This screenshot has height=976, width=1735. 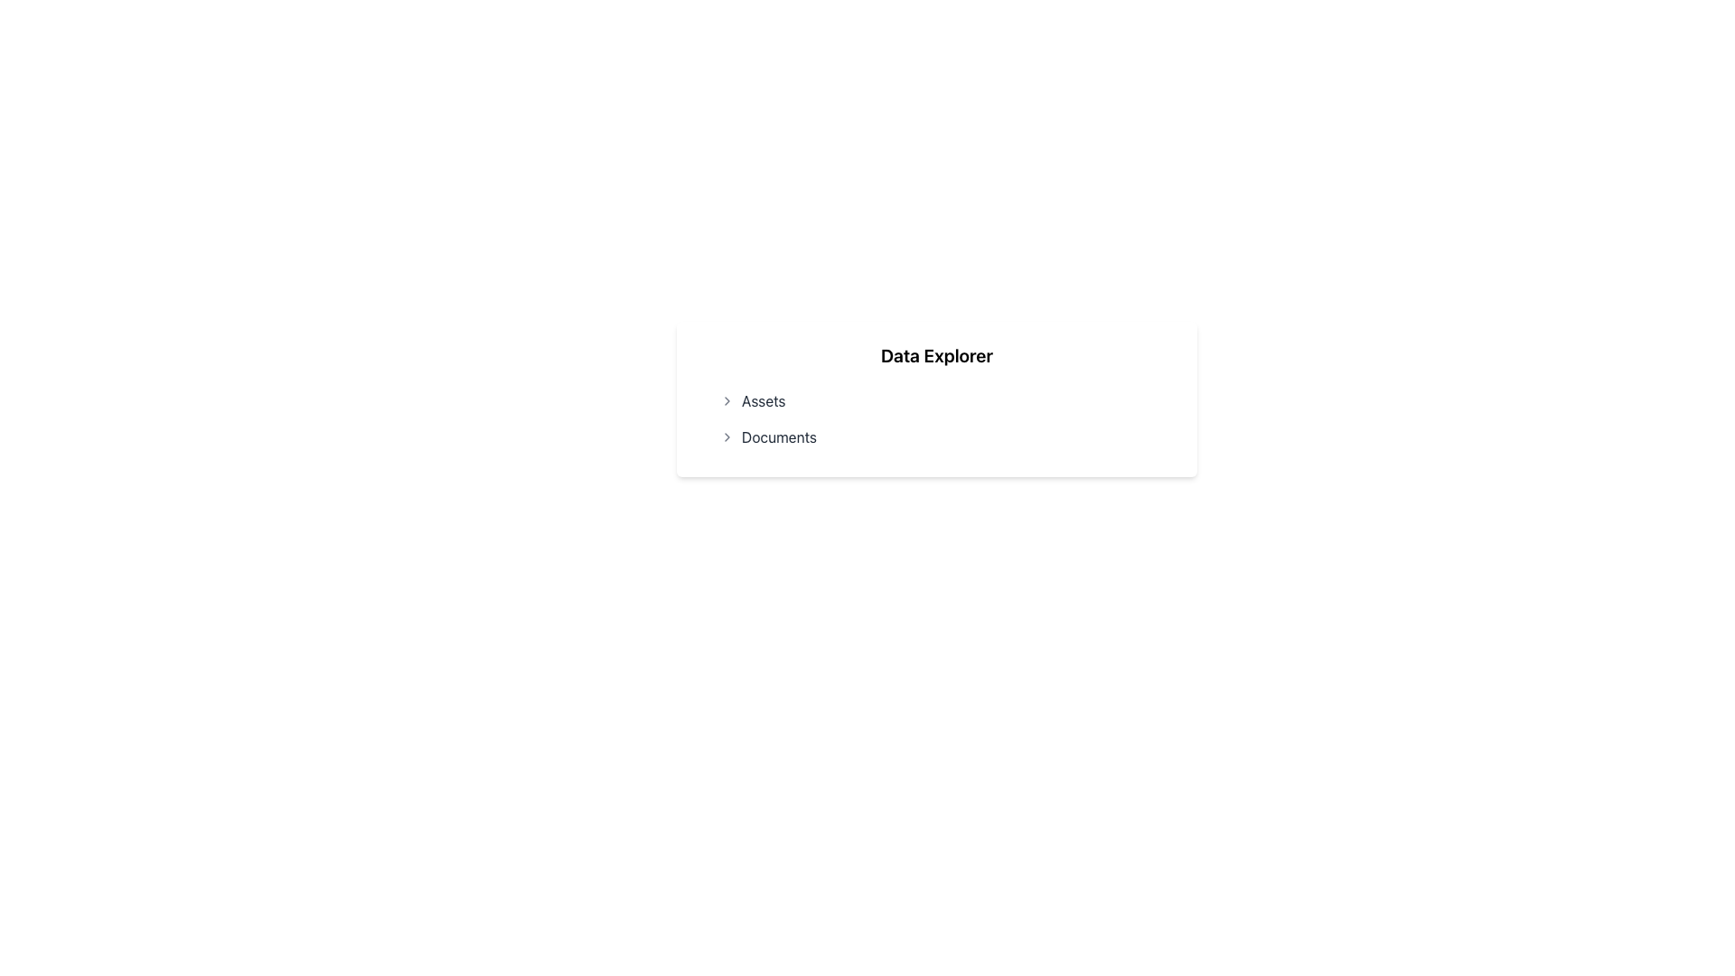 I want to click on the text label that serves as a title for a navigation link in the sidebar menu, positioned to the right of a chevron icon and the second item under the 'Data Explorer' heading, so click(x=779, y=436).